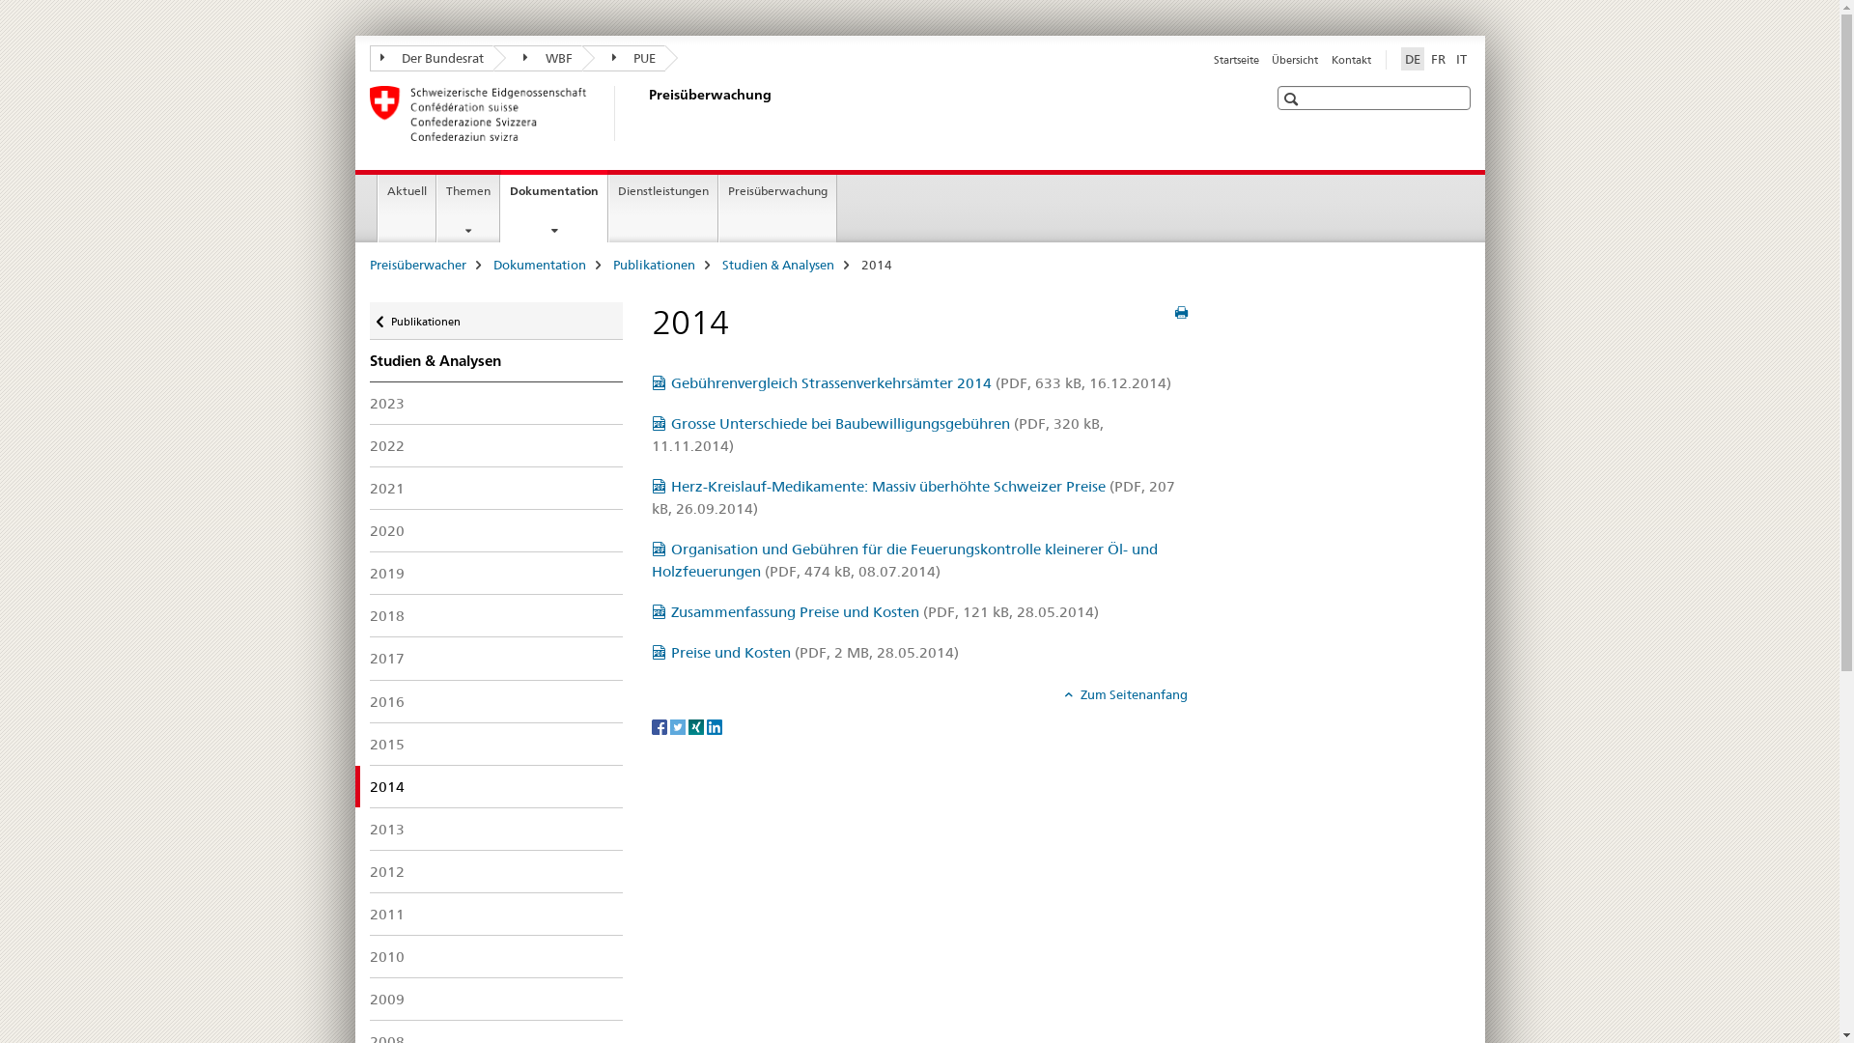 This screenshot has width=1854, height=1043. Describe the element at coordinates (495, 530) in the screenshot. I see `'2020'` at that location.